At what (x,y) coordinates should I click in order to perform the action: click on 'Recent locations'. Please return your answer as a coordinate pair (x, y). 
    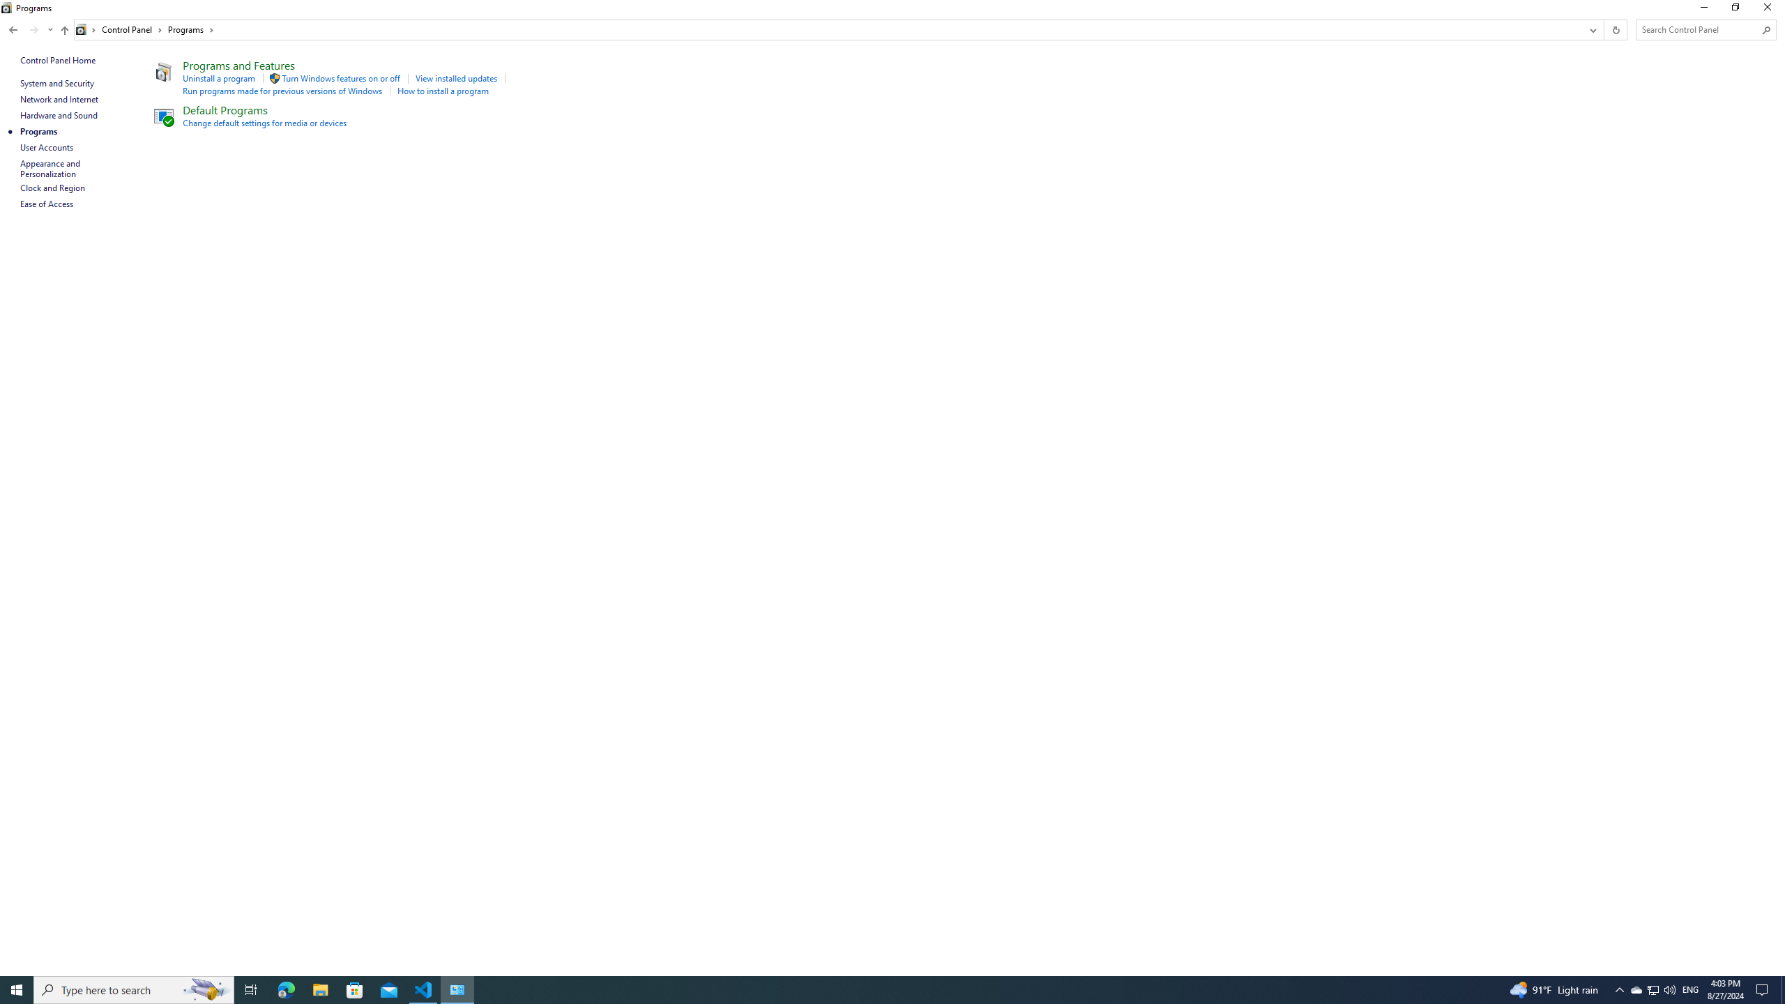
    Looking at the image, I should click on (49, 29).